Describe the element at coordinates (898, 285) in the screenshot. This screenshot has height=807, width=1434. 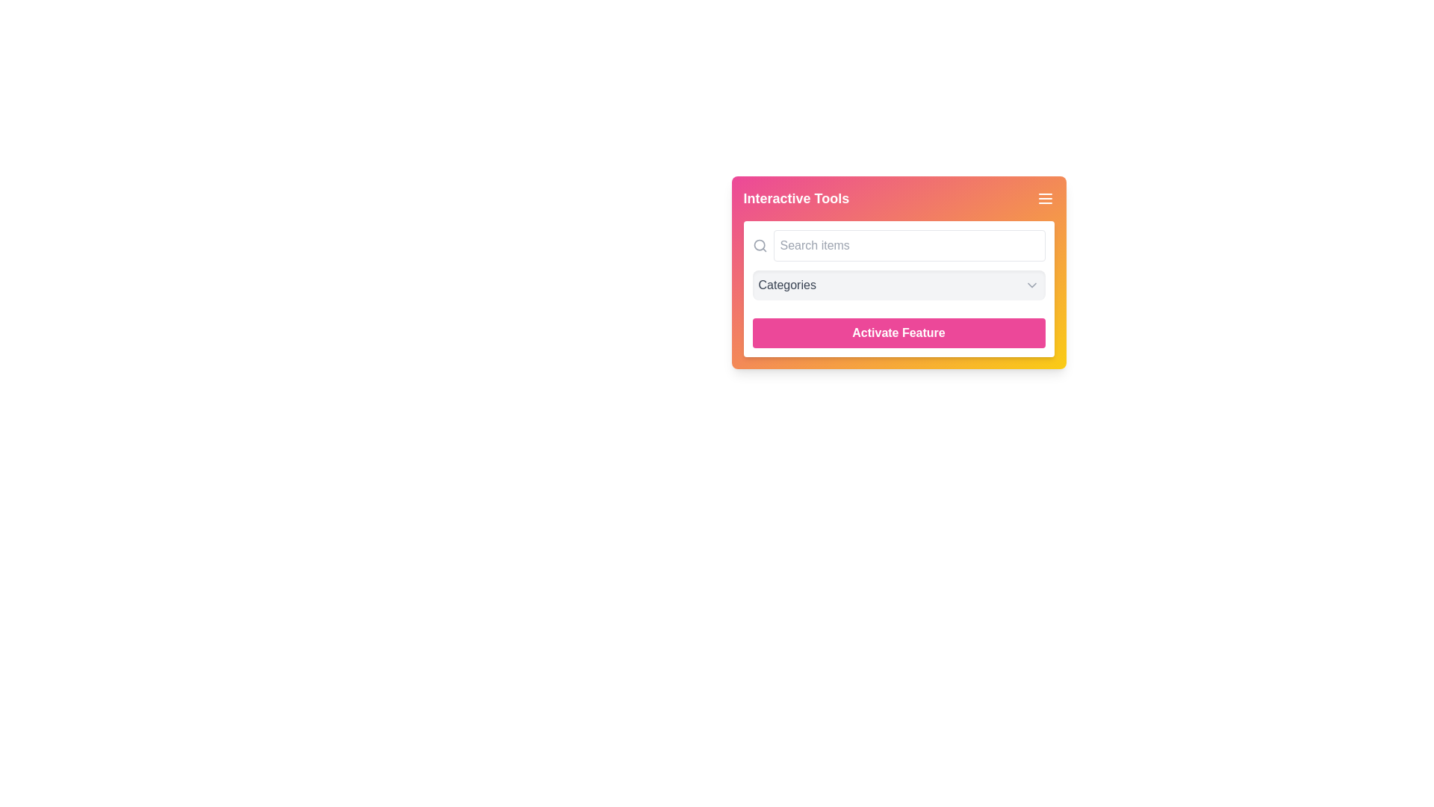
I see `the Dropdown Menu labeled 'Categories'` at that location.